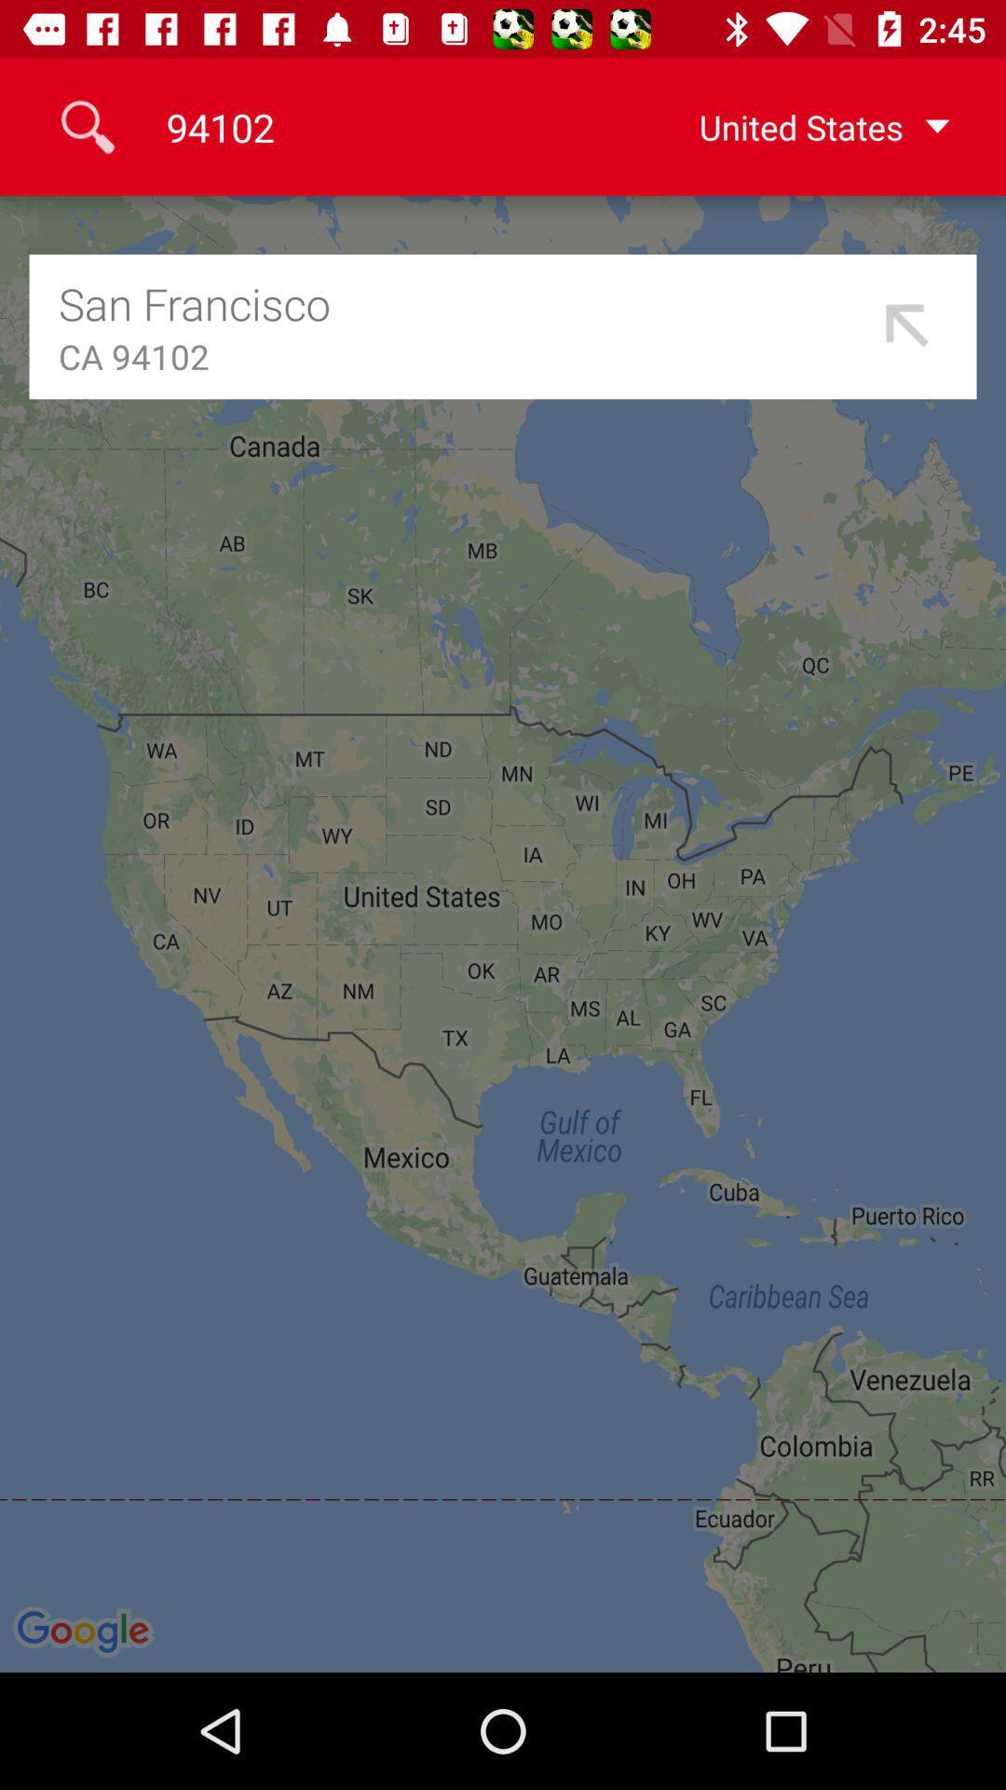 Image resolution: width=1006 pixels, height=1790 pixels. Describe the element at coordinates (795, 126) in the screenshot. I see `icon to the right of 94102` at that location.